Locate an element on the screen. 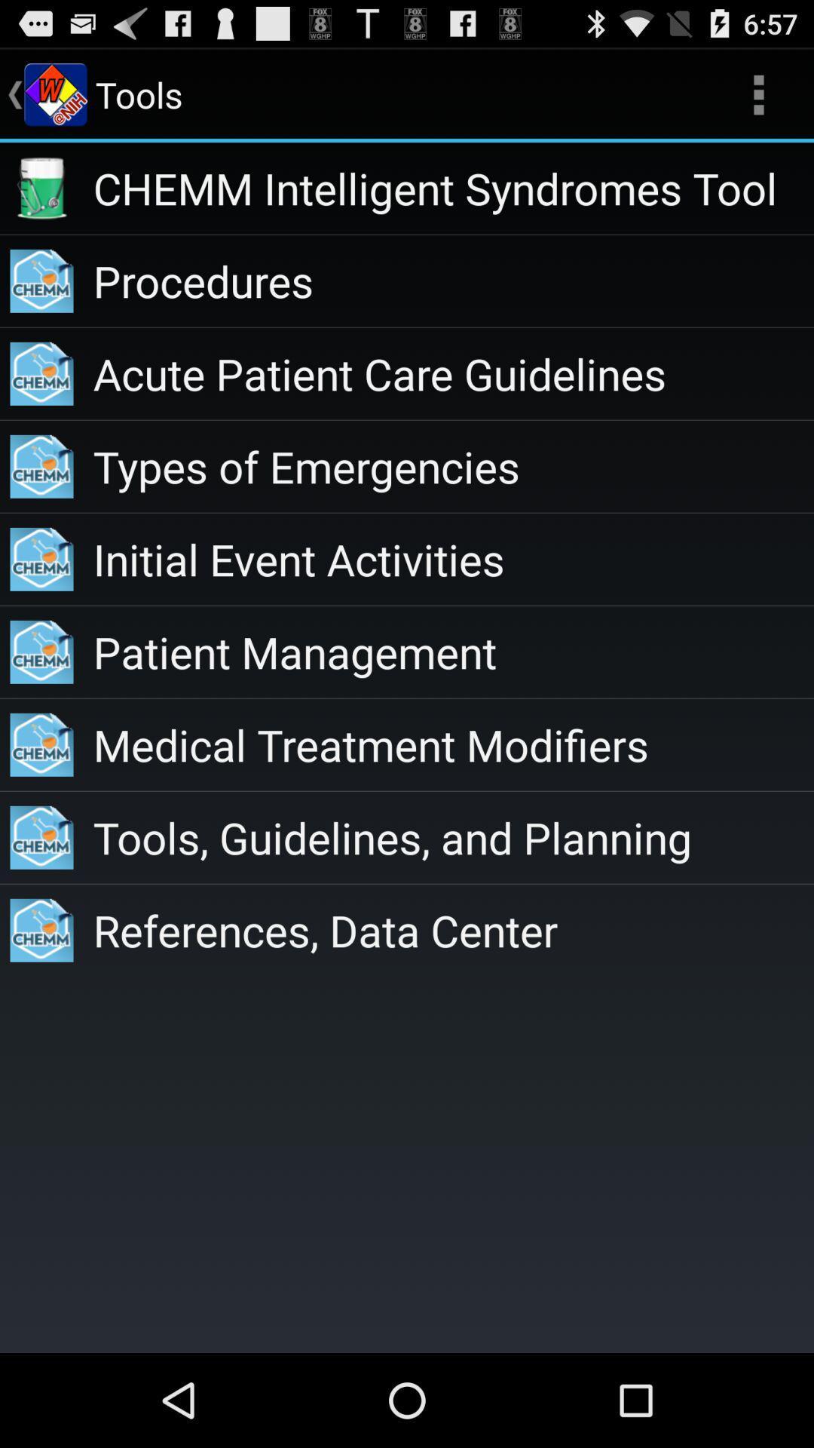  item below the chemm intelligent syndromes is located at coordinates (452, 281).